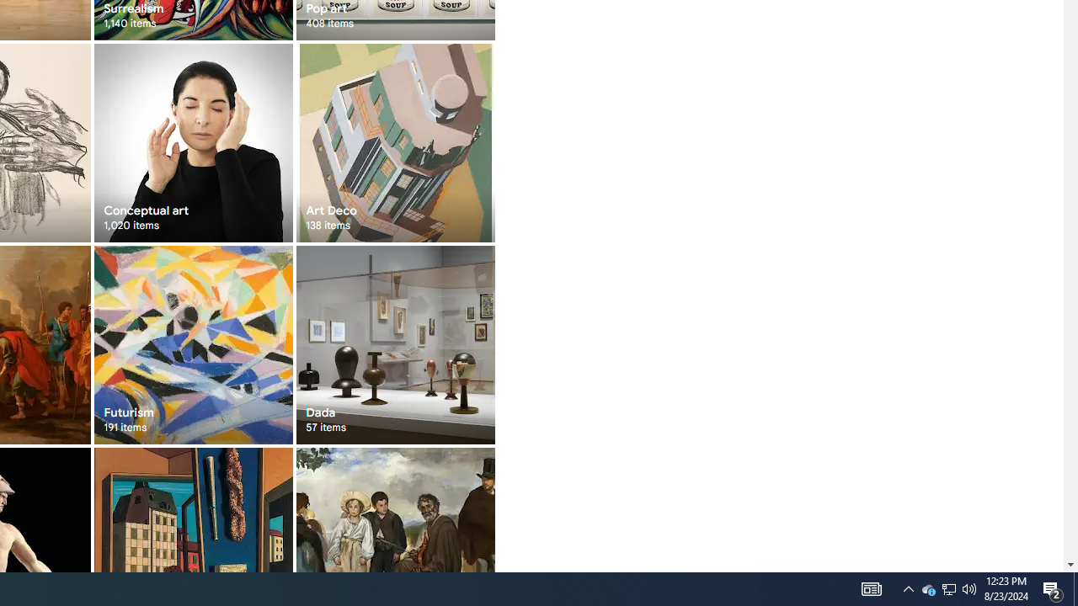  Describe the element at coordinates (193, 344) in the screenshot. I see `'Futurism 191 items'` at that location.